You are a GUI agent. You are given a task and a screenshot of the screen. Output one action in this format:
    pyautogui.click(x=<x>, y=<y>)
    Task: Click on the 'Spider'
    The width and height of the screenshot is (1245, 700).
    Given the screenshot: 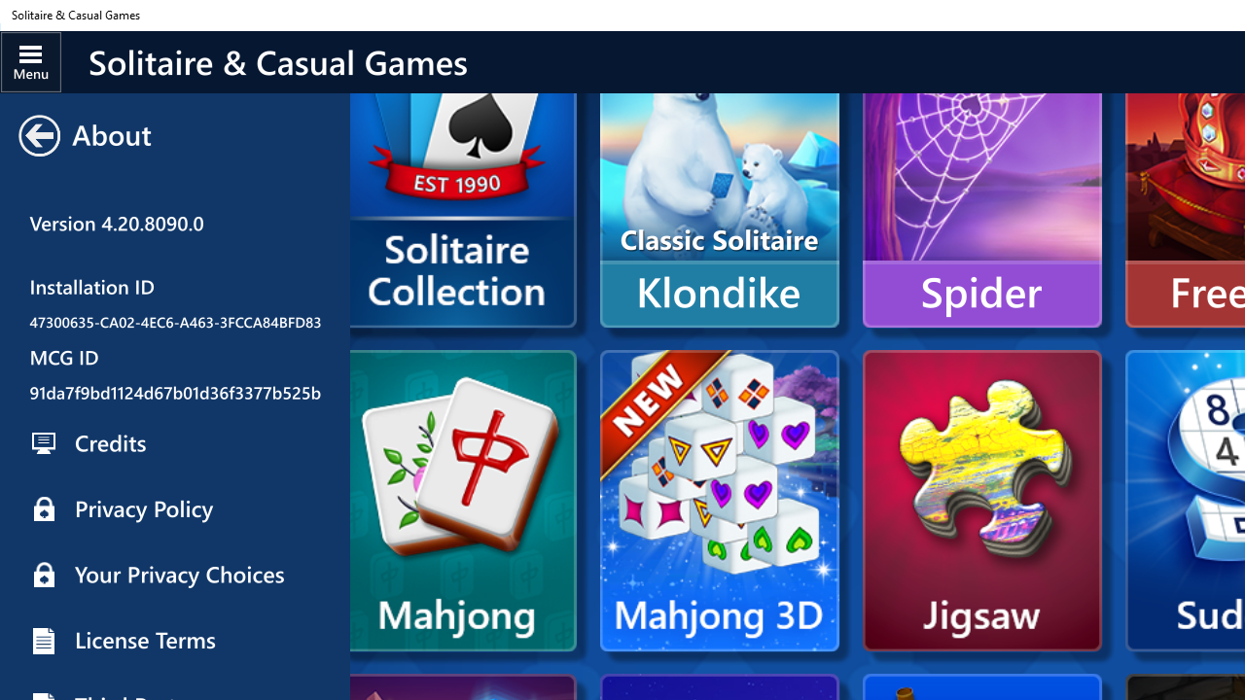 What is the action you would take?
    pyautogui.click(x=981, y=177)
    